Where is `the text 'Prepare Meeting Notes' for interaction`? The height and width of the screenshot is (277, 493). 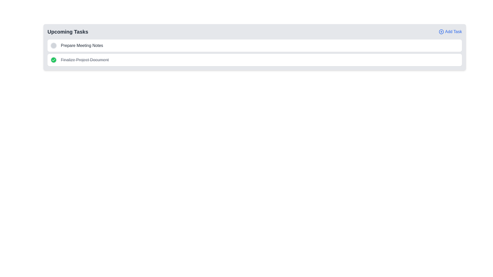
the text 'Prepare Meeting Notes' for interaction is located at coordinates (82, 45).